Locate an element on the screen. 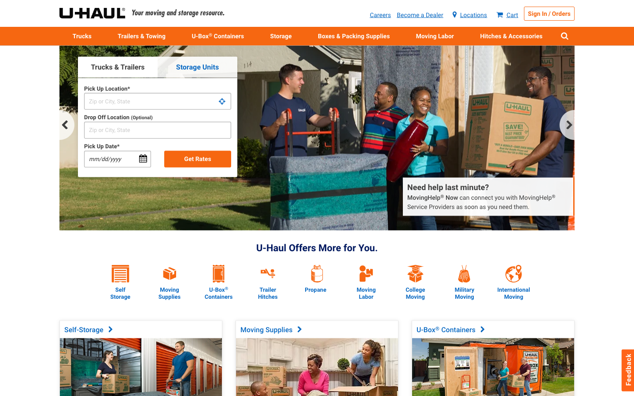  Are there special promotions or deals for veterans? is located at coordinates (464, 266).